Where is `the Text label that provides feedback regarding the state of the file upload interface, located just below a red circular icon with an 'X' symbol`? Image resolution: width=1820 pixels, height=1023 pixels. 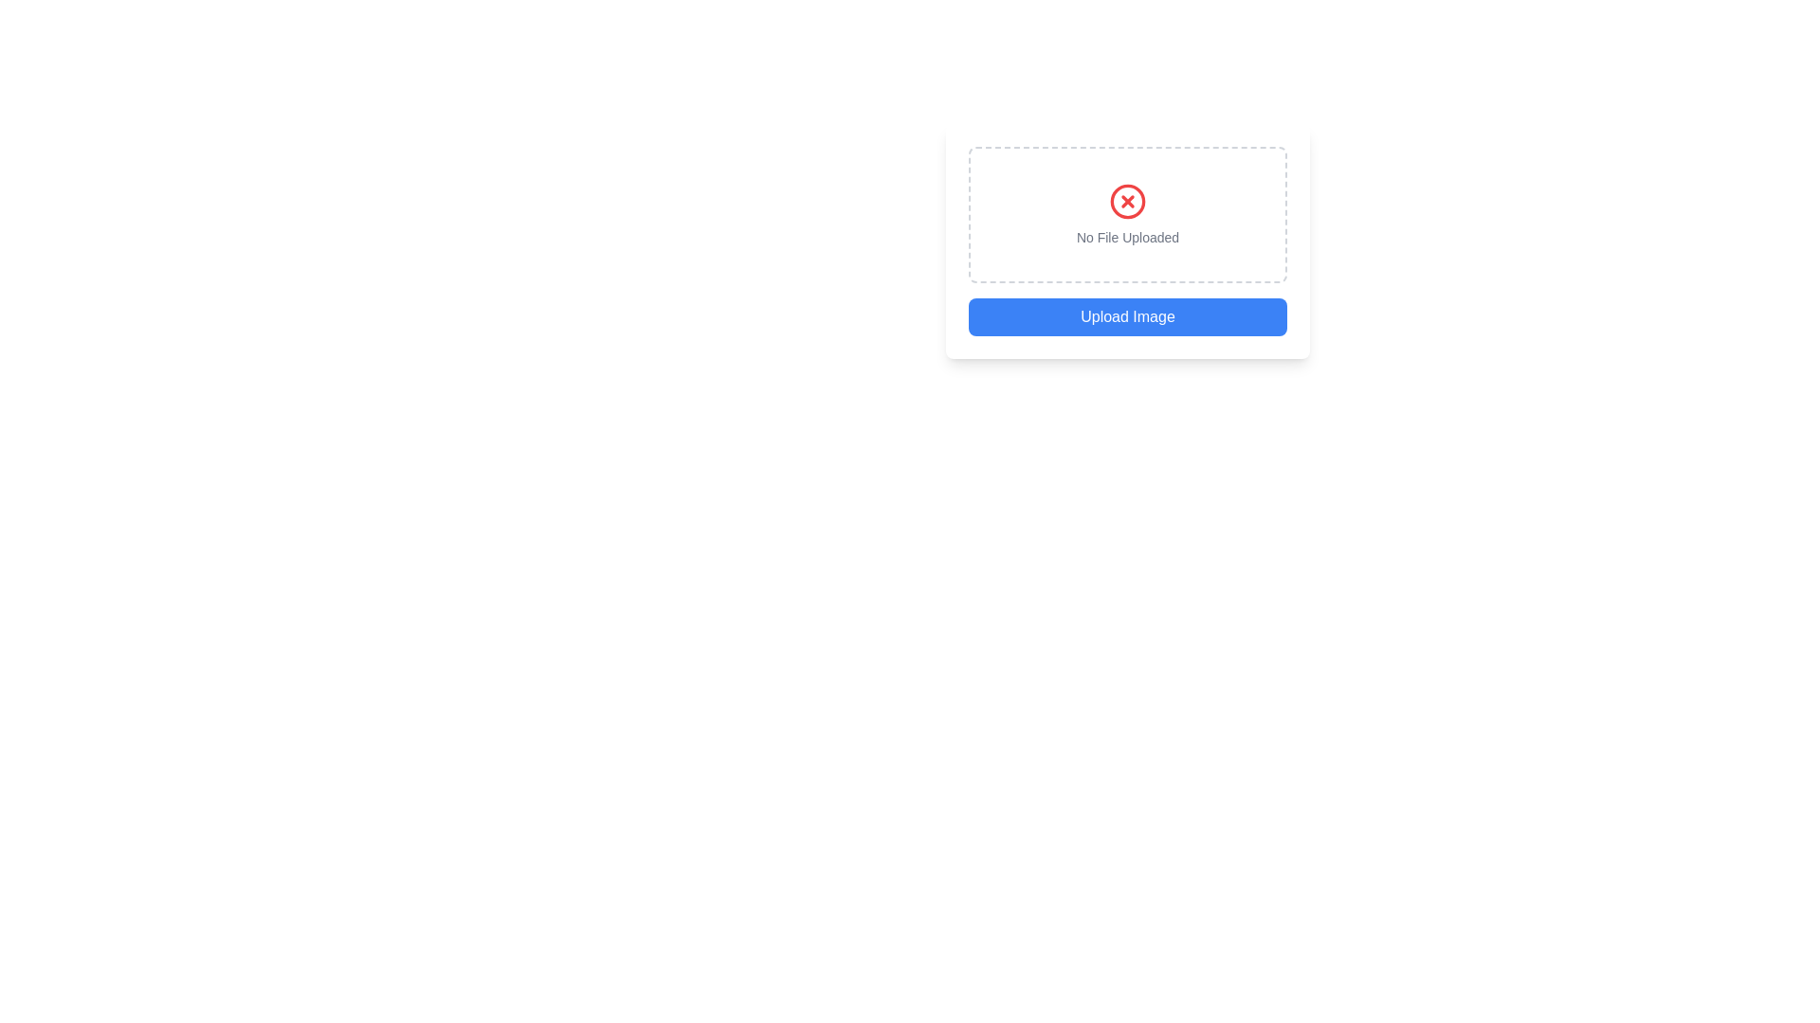 the Text label that provides feedback regarding the state of the file upload interface, located just below a red circular icon with an 'X' symbol is located at coordinates (1128, 236).